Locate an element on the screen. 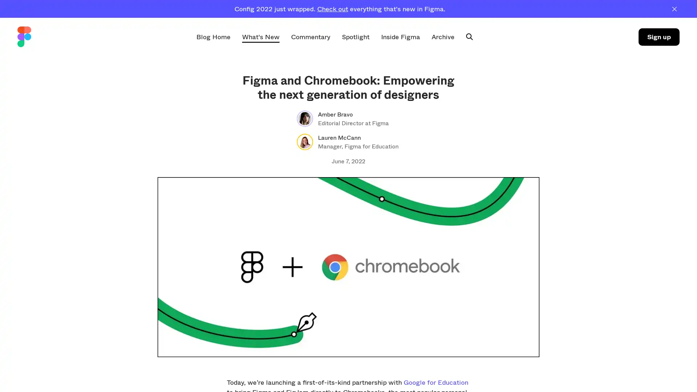 This screenshot has height=392, width=697. Dismiss is located at coordinates (674, 8).